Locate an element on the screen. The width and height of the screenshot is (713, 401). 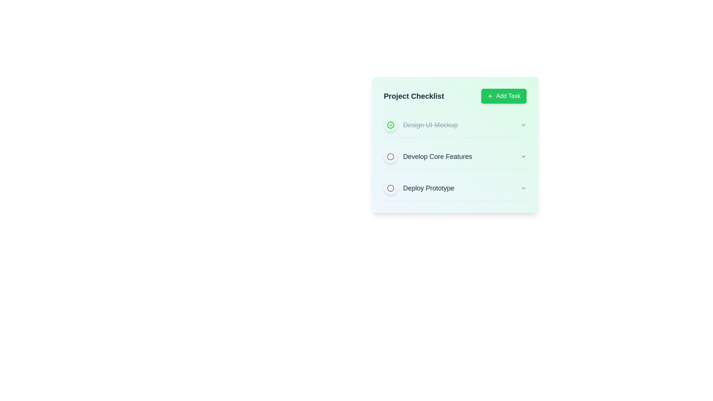
the dropdown button next to the task 'Deploy Prototype' to expand its options is located at coordinates (523, 188).